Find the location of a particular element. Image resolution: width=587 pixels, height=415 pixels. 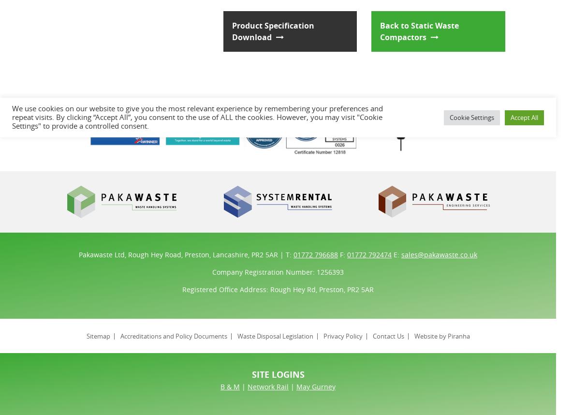

'Pakawaste Ltd, Rough Hey Road, Preston, Lancashire, PR2 5AR | T:' is located at coordinates (185, 254).